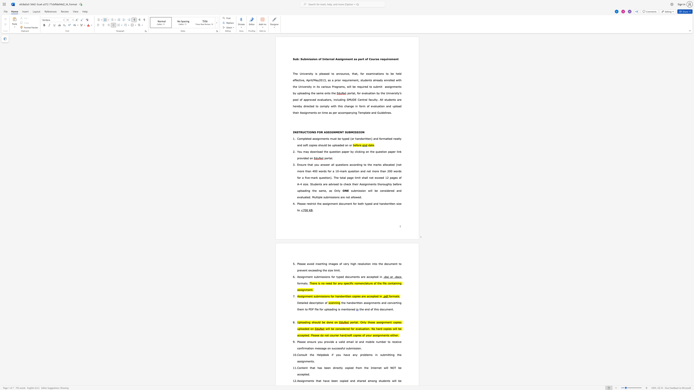  I want to click on the space between the continuous character "i" and "c" in the text, so click(314, 203).